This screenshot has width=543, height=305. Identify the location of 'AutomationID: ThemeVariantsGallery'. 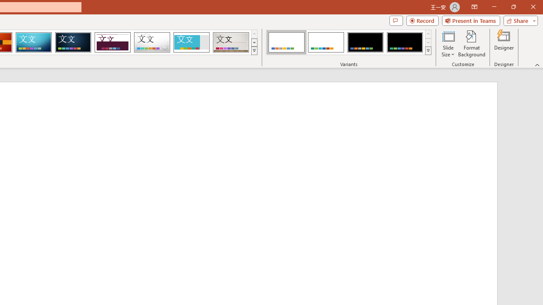
(349, 42).